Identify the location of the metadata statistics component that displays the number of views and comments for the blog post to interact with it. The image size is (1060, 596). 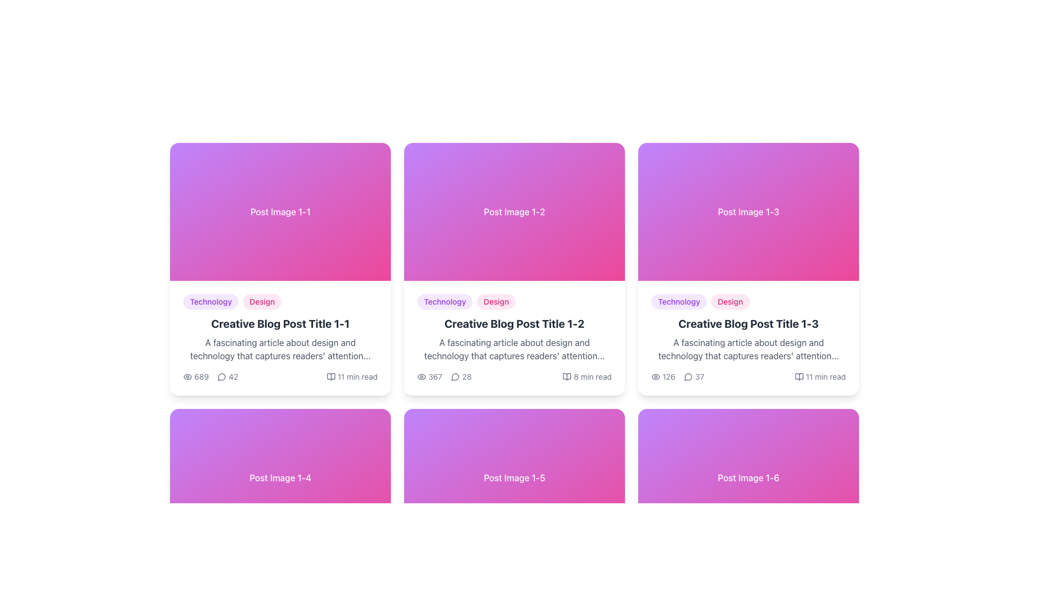
(444, 376).